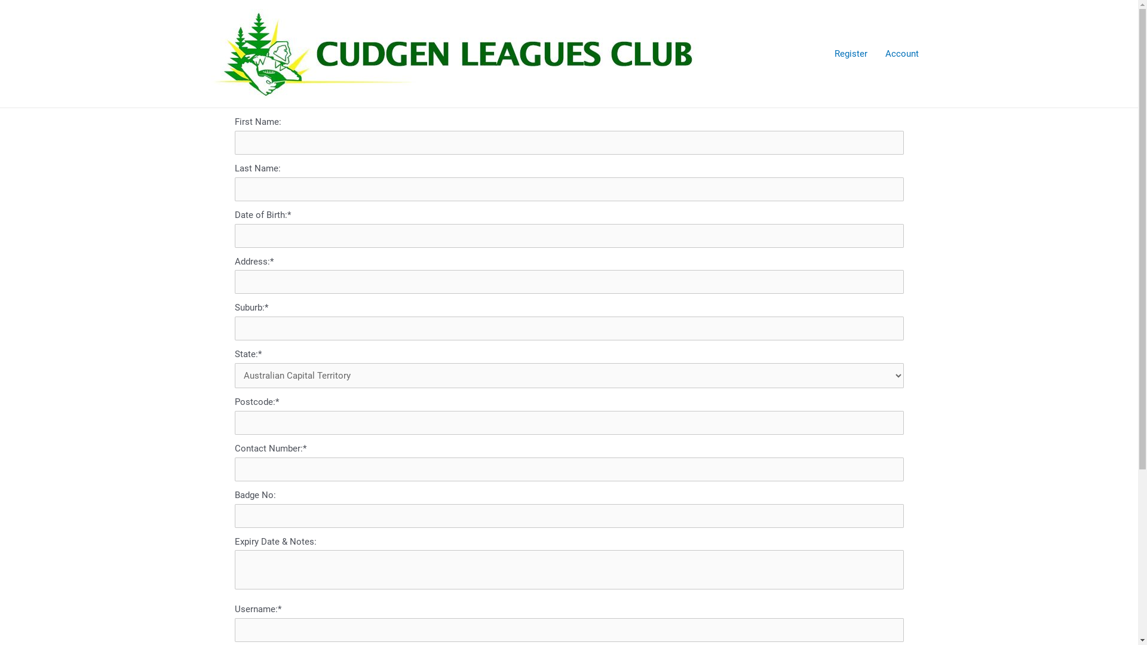 Image resolution: width=1147 pixels, height=645 pixels. Describe the element at coordinates (901, 53) in the screenshot. I see `'Account'` at that location.